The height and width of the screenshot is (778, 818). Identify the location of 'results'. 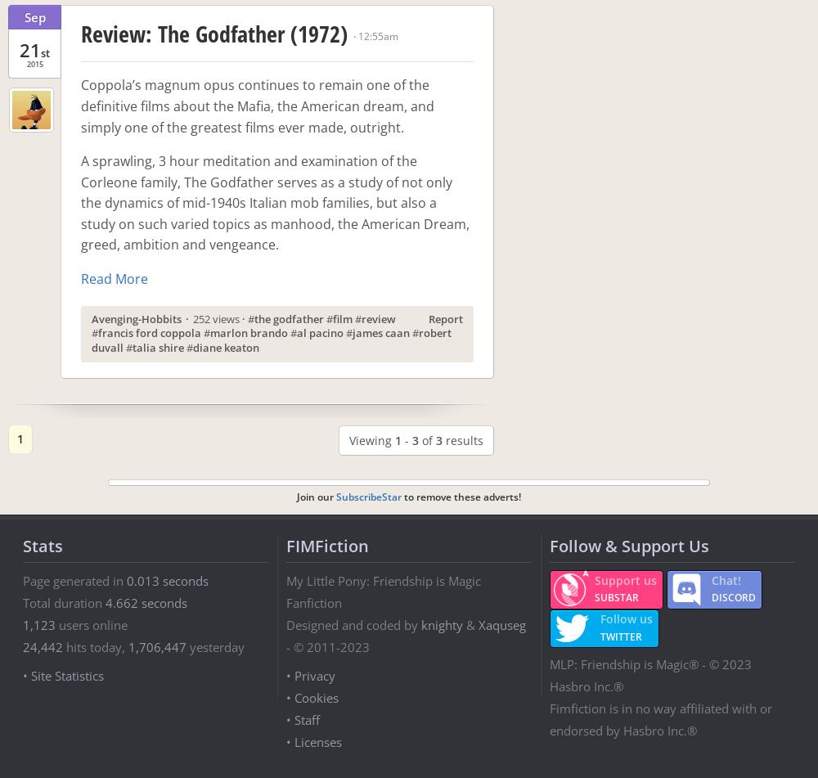
(462, 439).